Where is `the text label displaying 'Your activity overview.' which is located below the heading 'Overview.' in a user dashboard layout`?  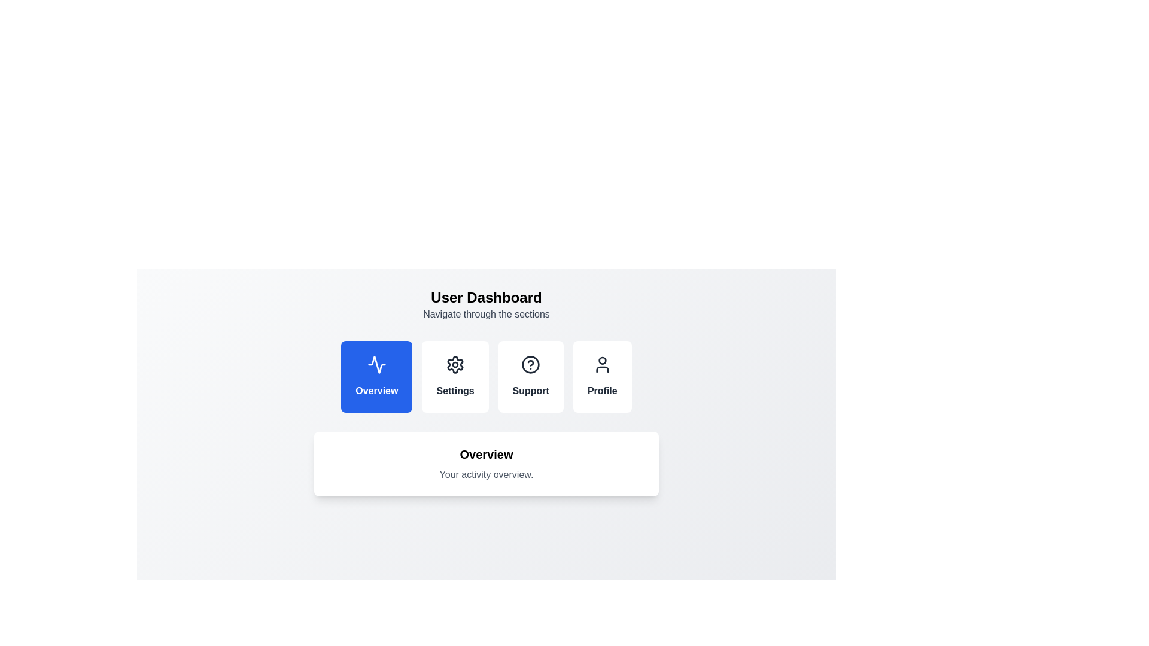
the text label displaying 'Your activity overview.' which is located below the heading 'Overview.' in a user dashboard layout is located at coordinates (486, 474).